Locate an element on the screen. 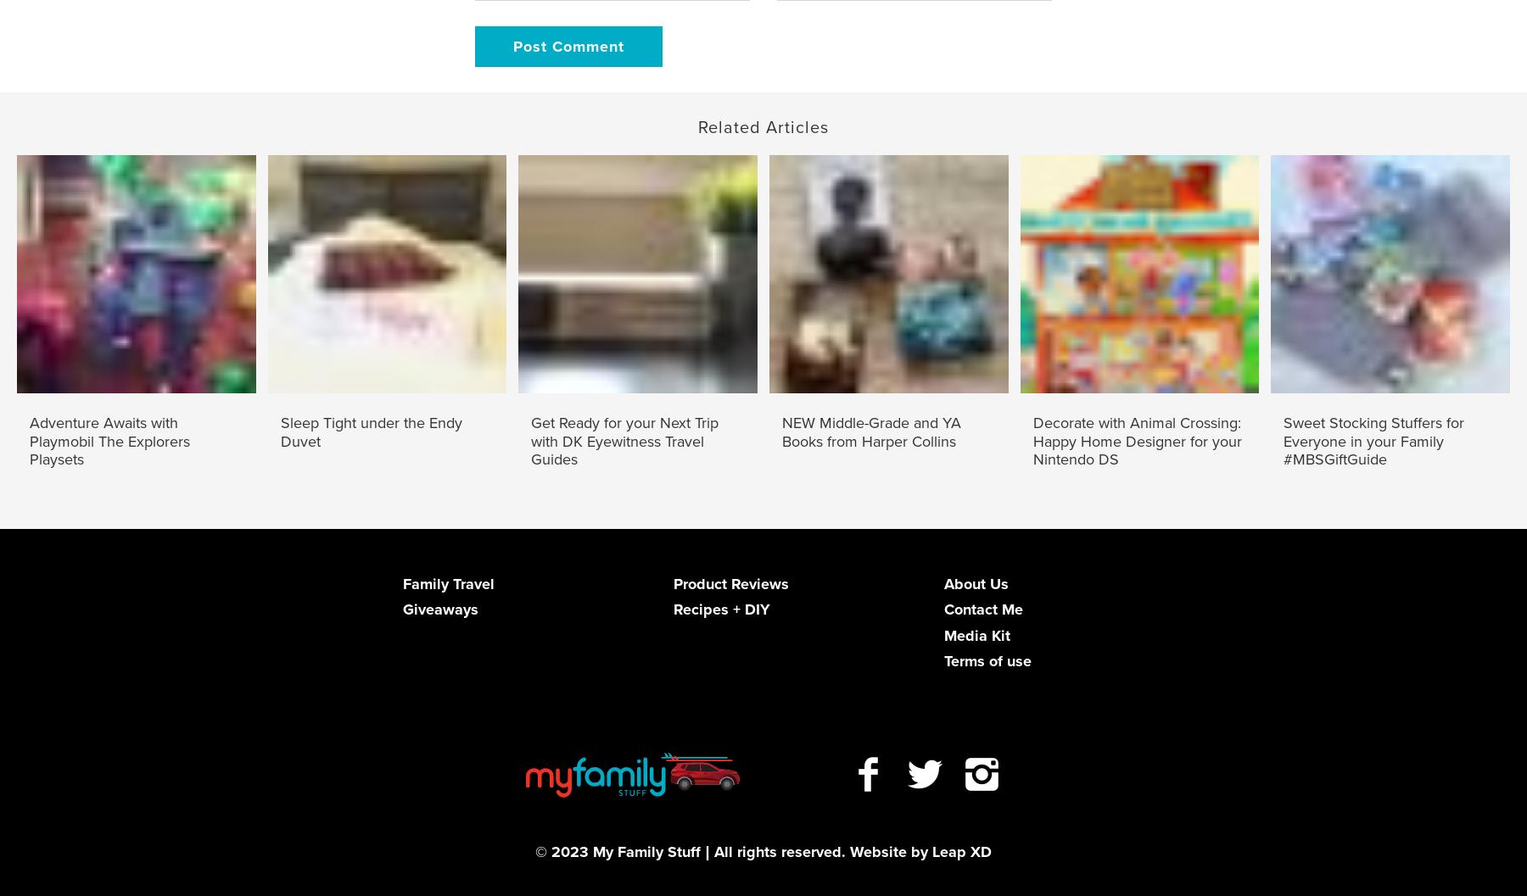 The width and height of the screenshot is (1527, 896). 'Related Articles' is located at coordinates (763, 125).